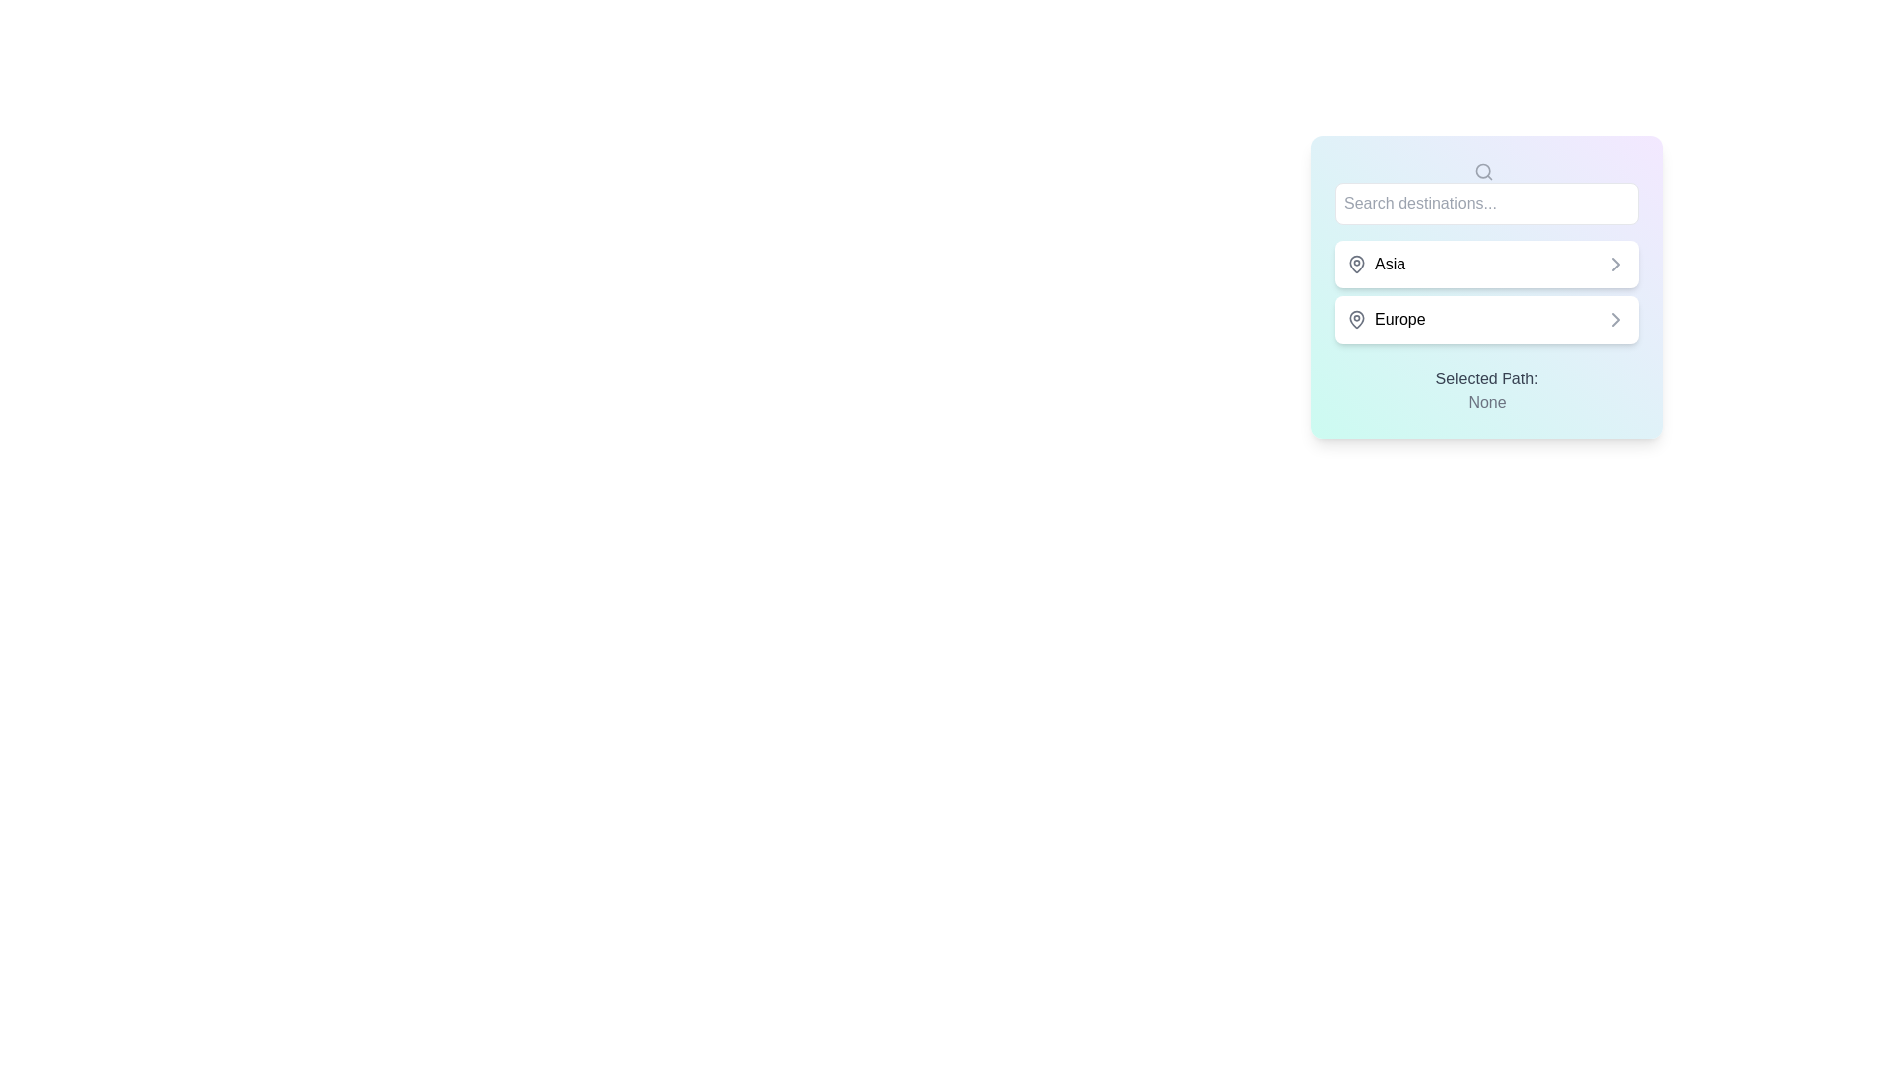  I want to click on the text label representing 'Europe' in the vertical list, which is the second item beneath 'Asia', so click(1385, 319).